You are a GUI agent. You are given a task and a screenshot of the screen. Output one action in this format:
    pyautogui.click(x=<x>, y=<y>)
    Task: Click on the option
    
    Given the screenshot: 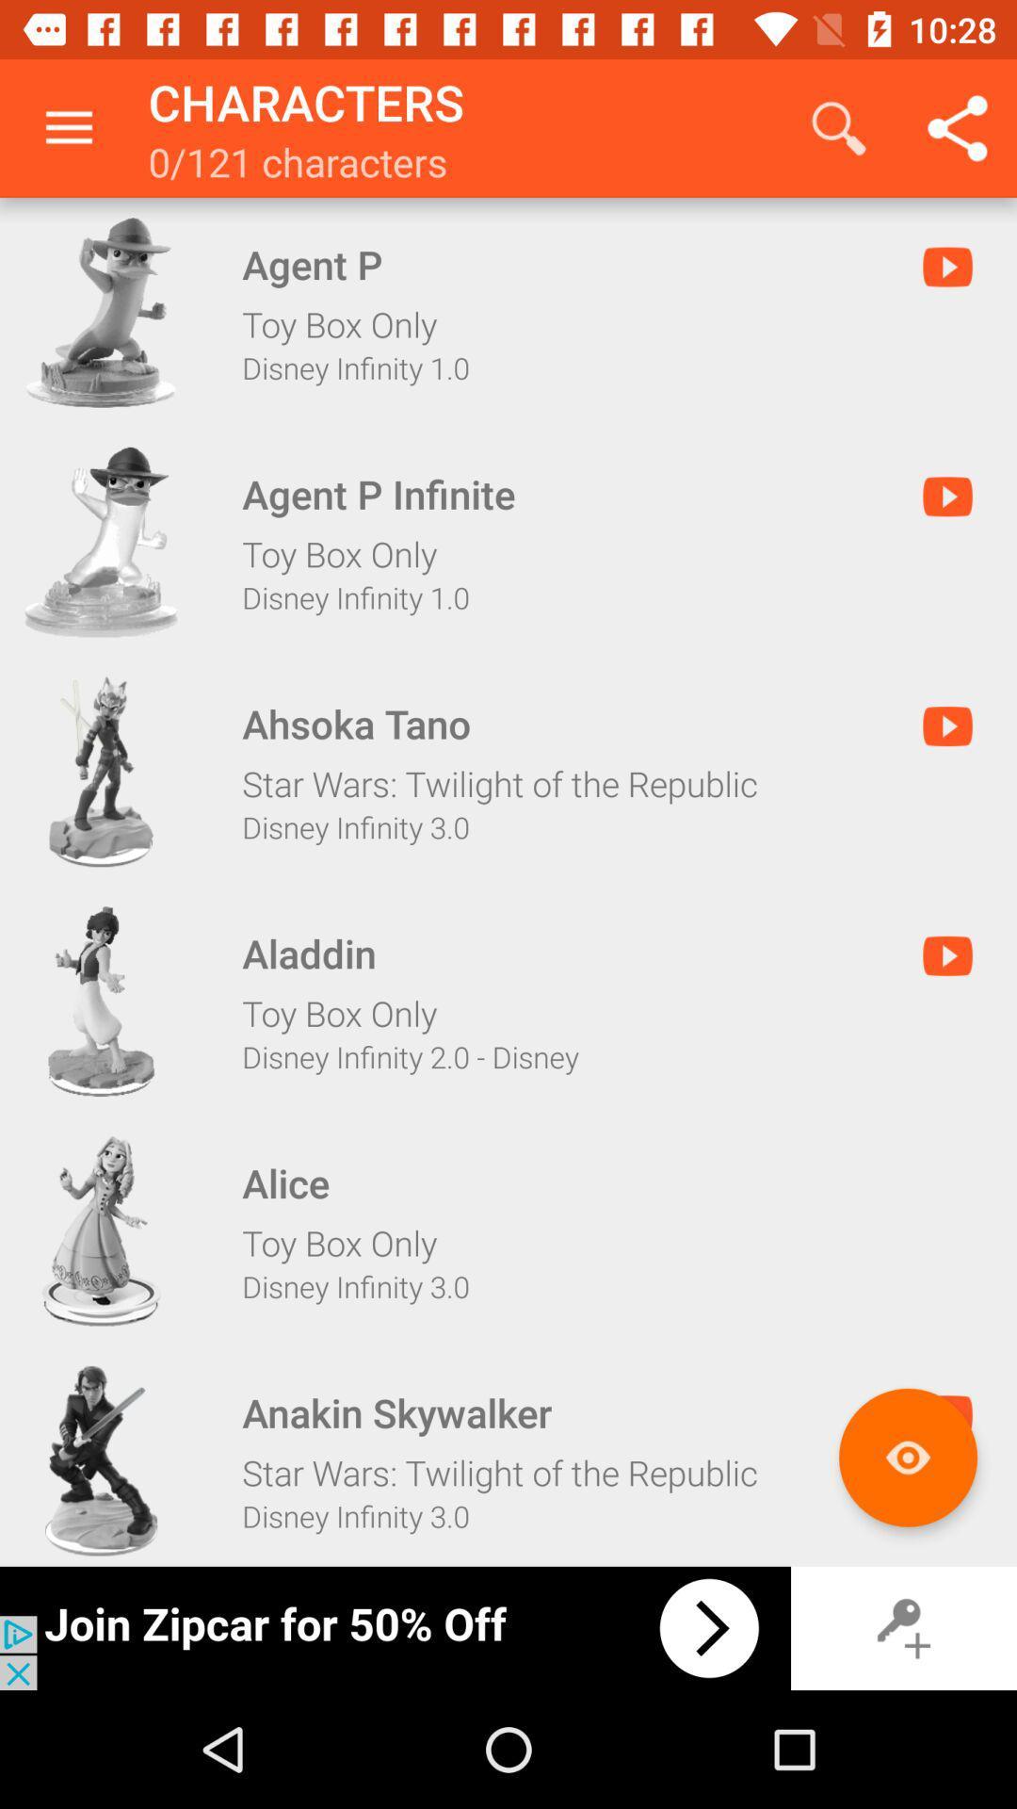 What is the action you would take?
    pyautogui.click(x=101, y=1001)
    